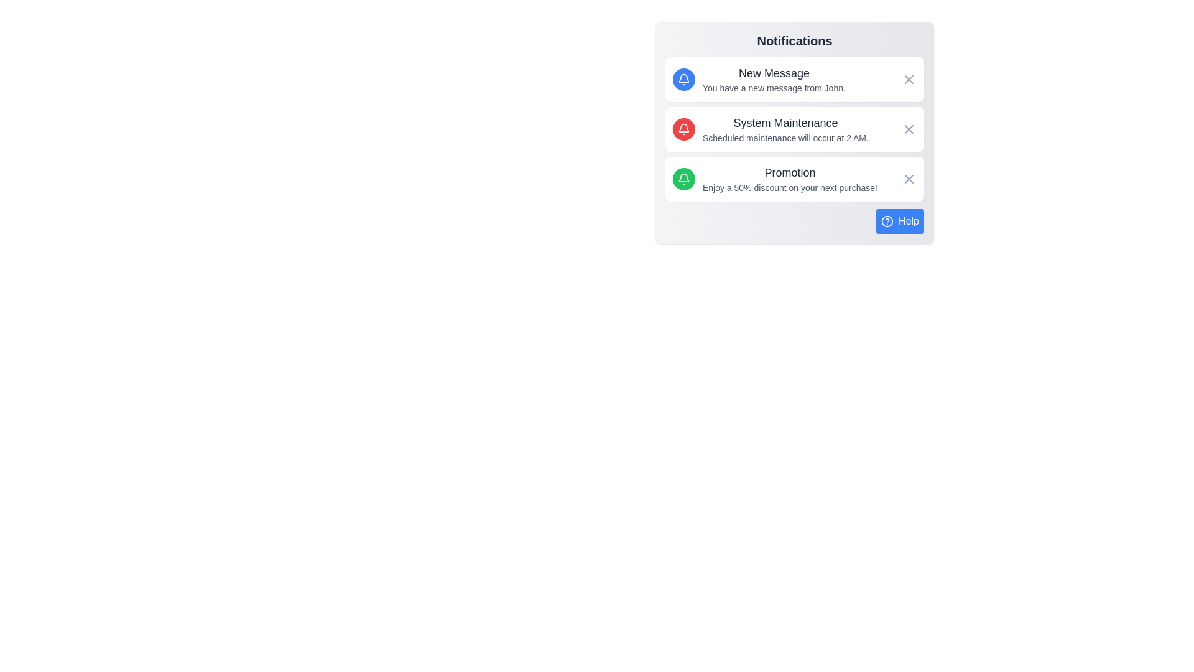 The height and width of the screenshot is (672, 1194). What do you see at coordinates (773, 88) in the screenshot?
I see `the text content that states 'You have a new message from John.' located in the 'Notifications' section under the heading 'New Message'` at bounding box center [773, 88].